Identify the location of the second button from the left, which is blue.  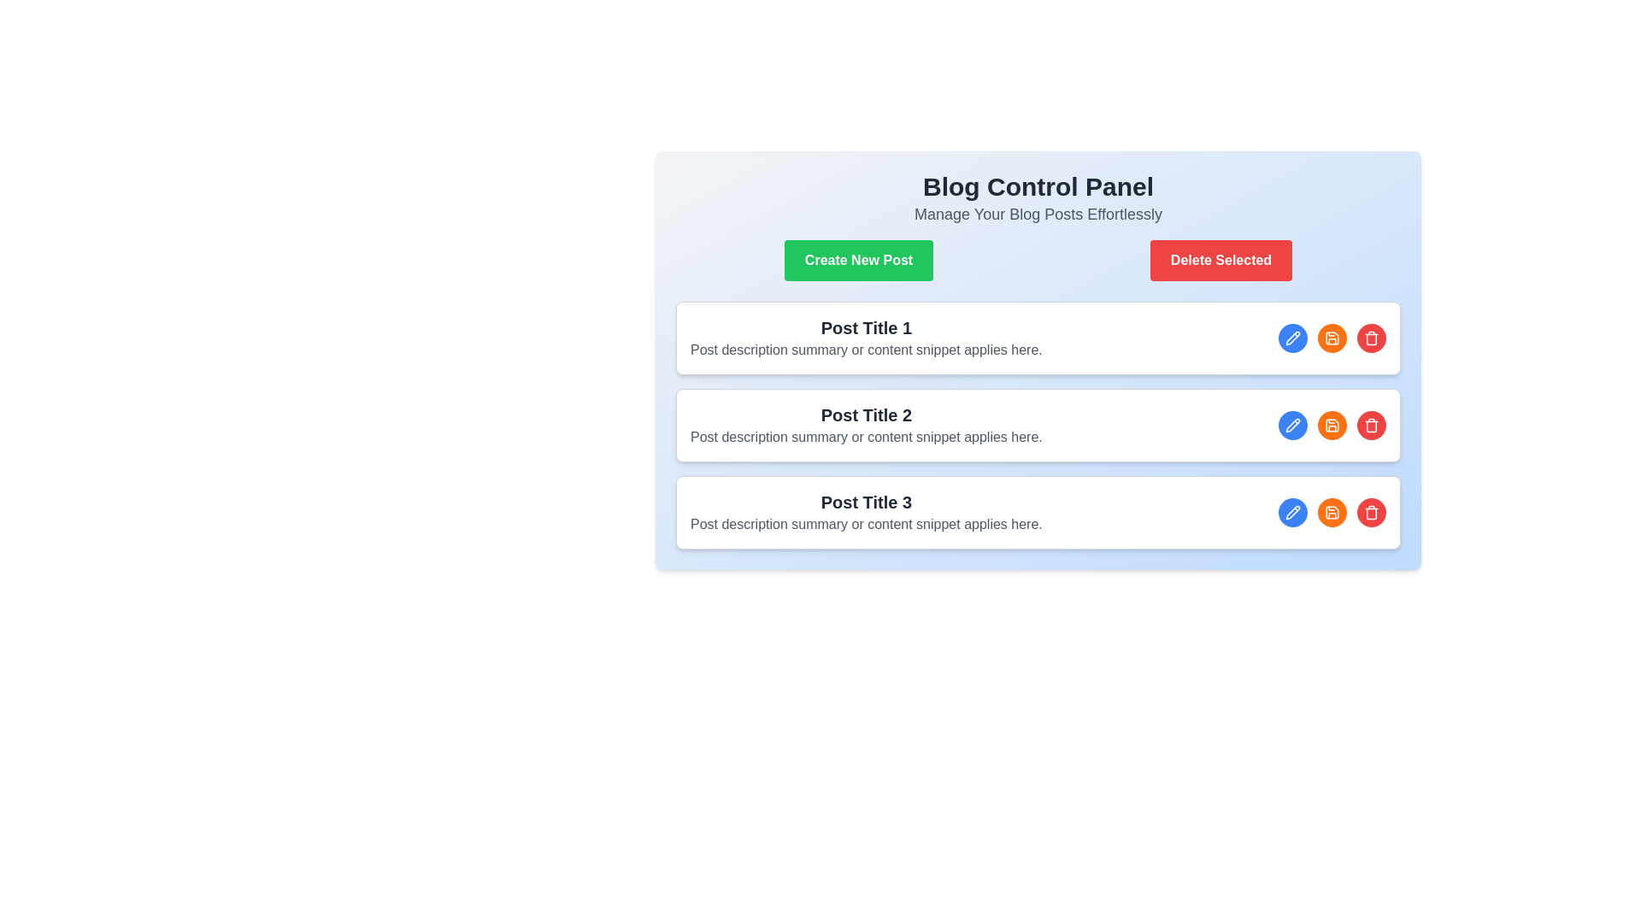
(1332, 338).